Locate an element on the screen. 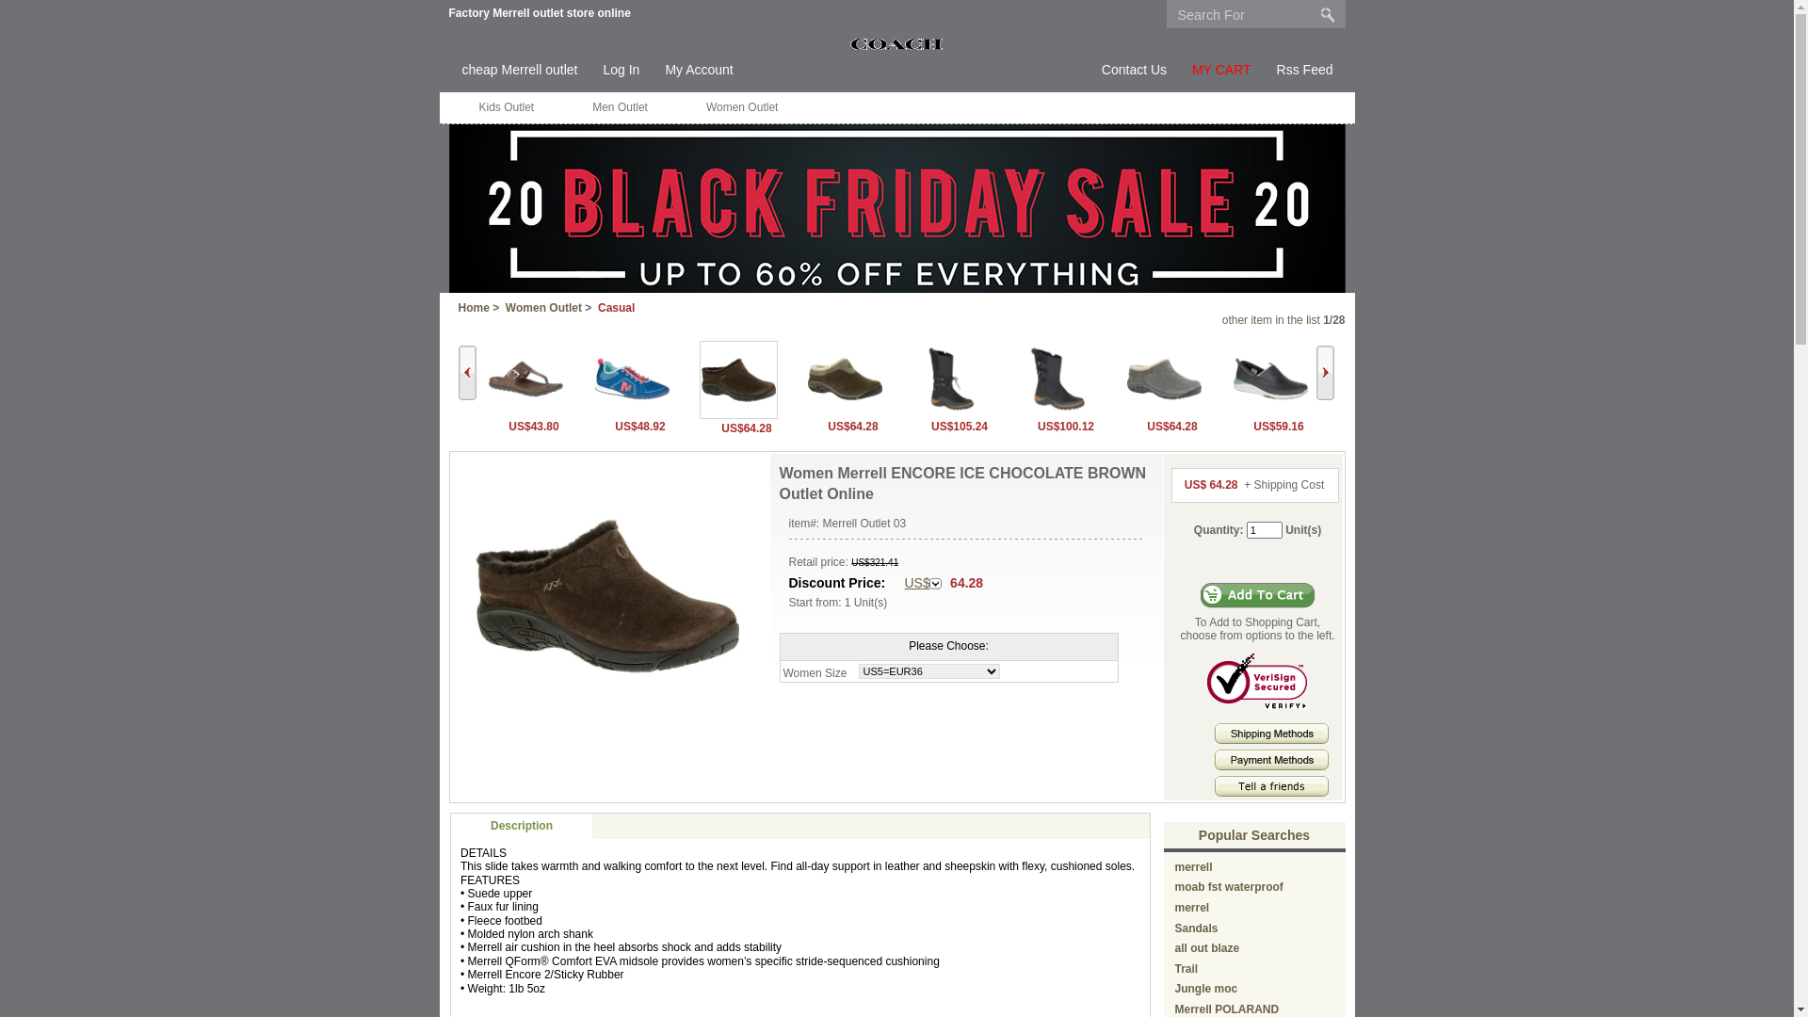 Image resolution: width=1808 pixels, height=1017 pixels. 'other item in the list' is located at coordinates (1270, 318).